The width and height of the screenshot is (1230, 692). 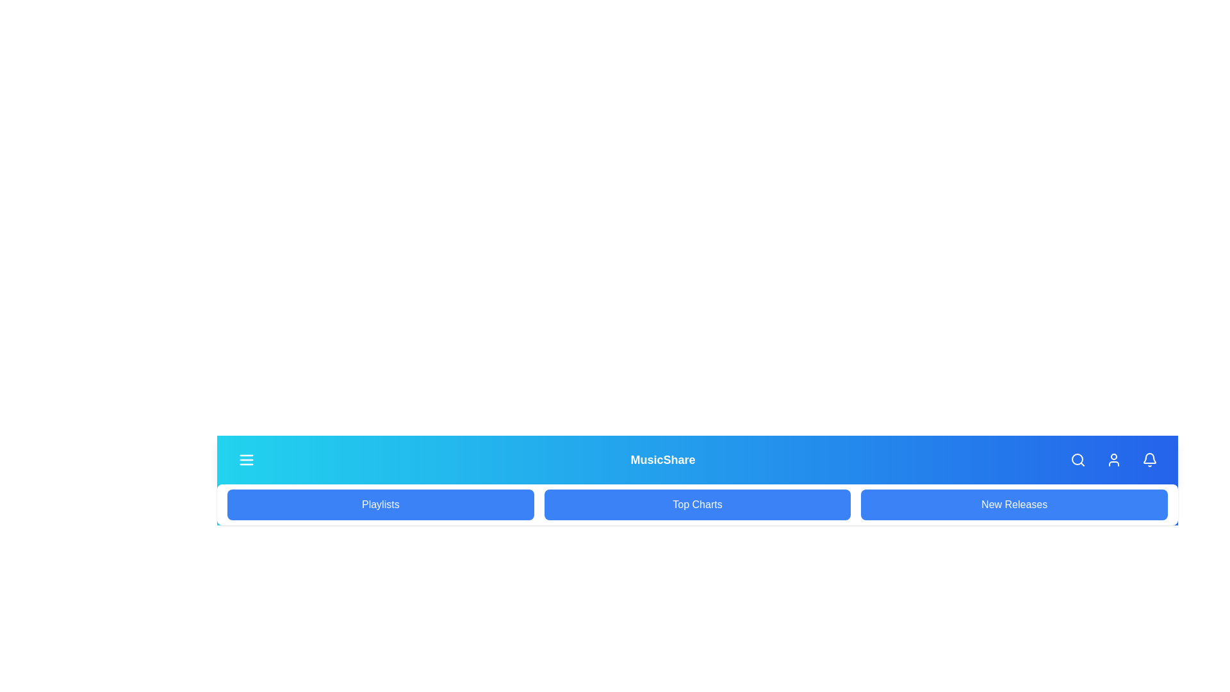 I want to click on the menu item New Releases to select it, so click(x=1013, y=504).